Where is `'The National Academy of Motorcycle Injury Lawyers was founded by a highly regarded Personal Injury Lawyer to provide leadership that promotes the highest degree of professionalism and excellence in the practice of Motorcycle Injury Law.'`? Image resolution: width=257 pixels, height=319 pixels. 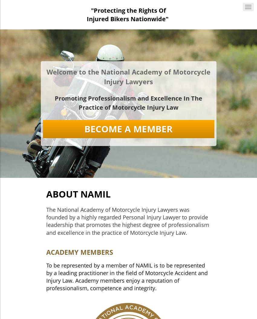 'The National Academy of Motorcycle Injury Lawyers was founded by a highly regarded Personal Injury Lawyer to provide leadership that promotes the highest degree of professionalism and excellence in the practice of Motorcycle Injury Law.' is located at coordinates (127, 221).